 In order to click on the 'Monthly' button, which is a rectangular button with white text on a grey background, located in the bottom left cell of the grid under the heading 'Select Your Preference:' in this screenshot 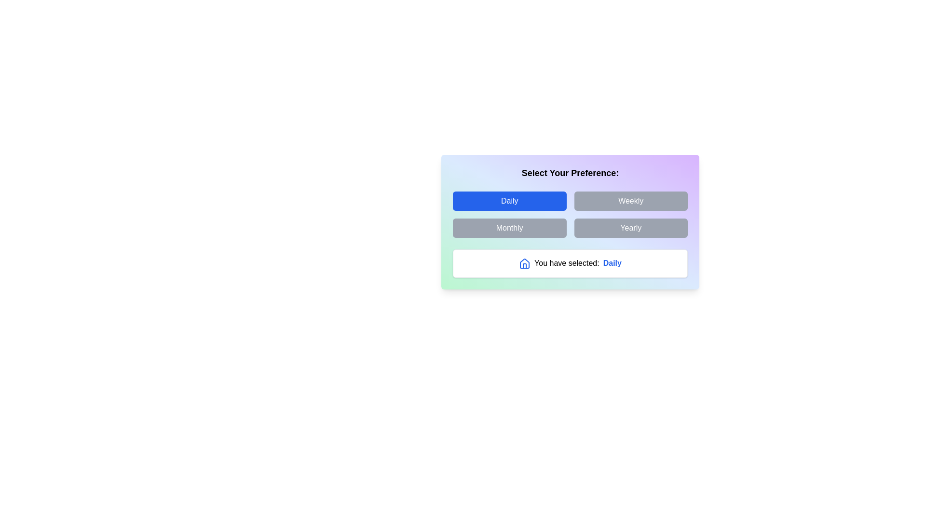, I will do `click(509, 228)`.